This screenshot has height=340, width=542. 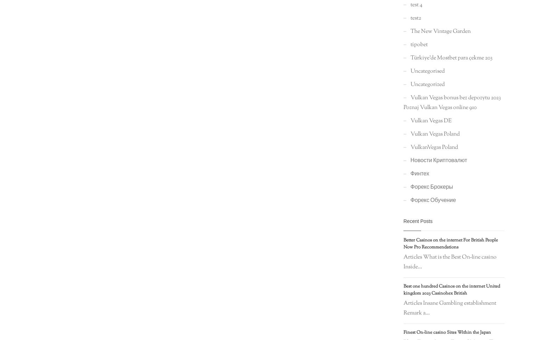 What do you see at coordinates (403, 262) in the screenshot?
I see `'Articles What is the Best On-line casino Inside...'` at bounding box center [403, 262].